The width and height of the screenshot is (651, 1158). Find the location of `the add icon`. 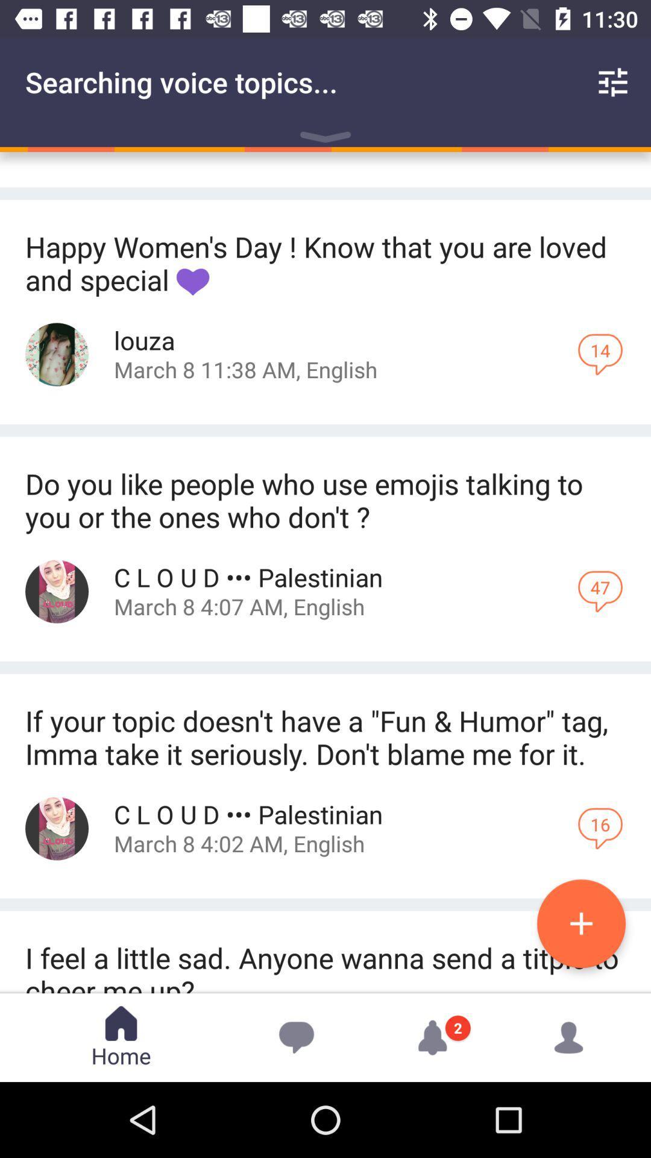

the add icon is located at coordinates (580, 923).